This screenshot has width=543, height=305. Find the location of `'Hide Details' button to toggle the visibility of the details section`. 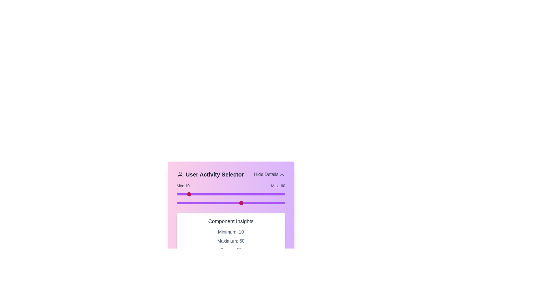

'Hide Details' button to toggle the visibility of the details section is located at coordinates (269, 174).